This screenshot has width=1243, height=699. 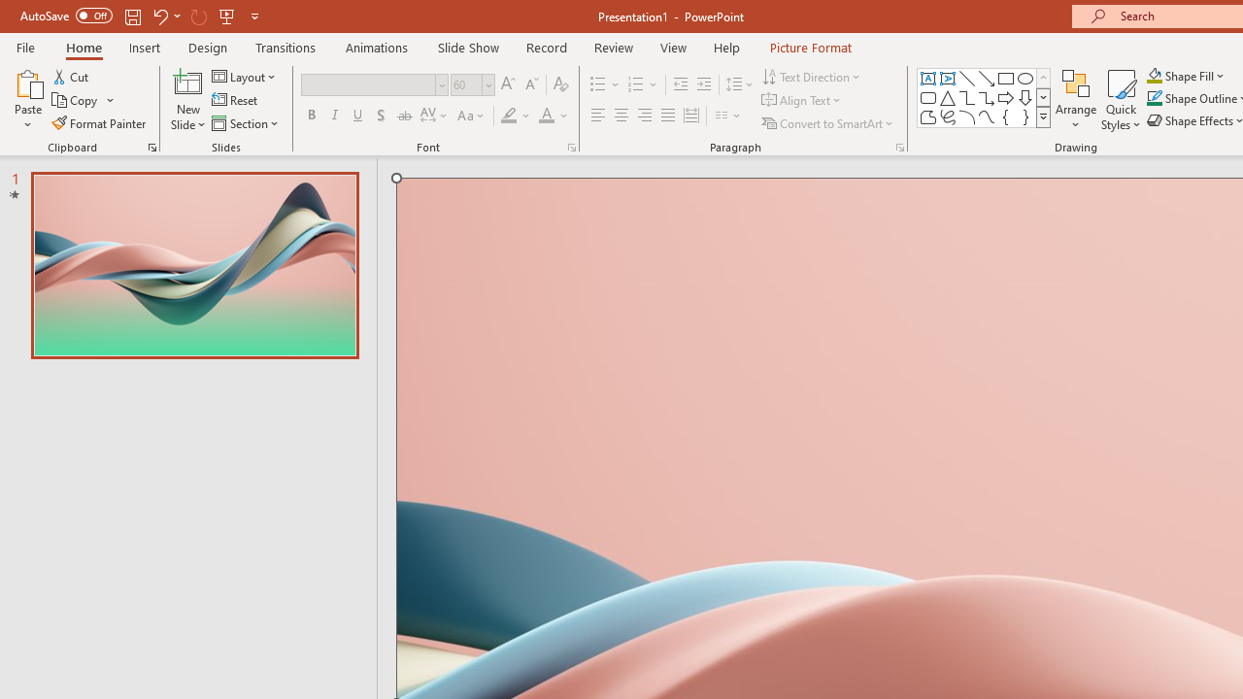 I want to click on 'Picture Format', so click(x=811, y=47).